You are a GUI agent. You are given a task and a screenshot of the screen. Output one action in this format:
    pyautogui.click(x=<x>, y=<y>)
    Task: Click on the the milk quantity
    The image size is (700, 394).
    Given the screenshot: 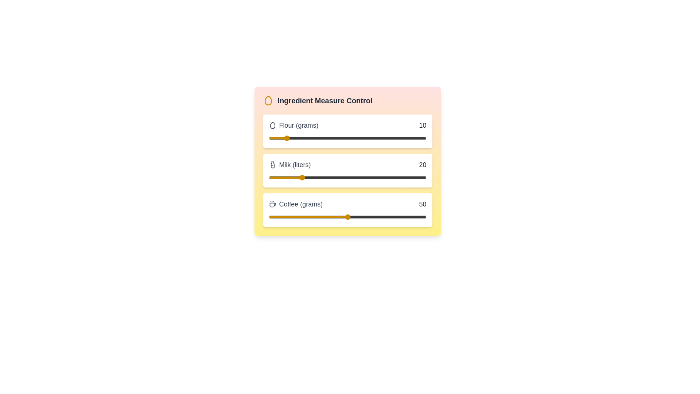 What is the action you would take?
    pyautogui.click(x=368, y=177)
    